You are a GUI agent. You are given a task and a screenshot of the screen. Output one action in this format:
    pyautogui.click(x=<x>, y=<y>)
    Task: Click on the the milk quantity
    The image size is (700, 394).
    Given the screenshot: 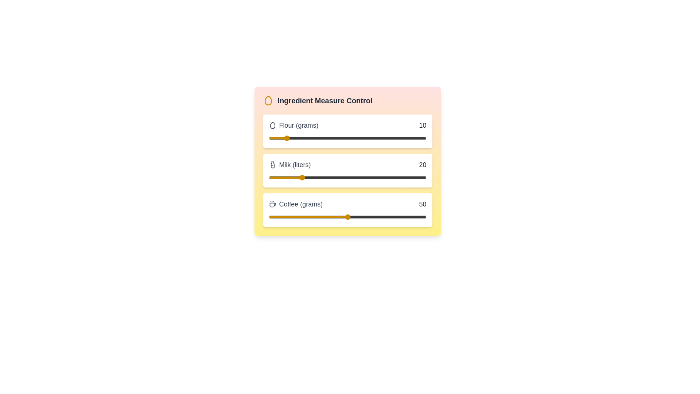 What is the action you would take?
    pyautogui.click(x=368, y=177)
    